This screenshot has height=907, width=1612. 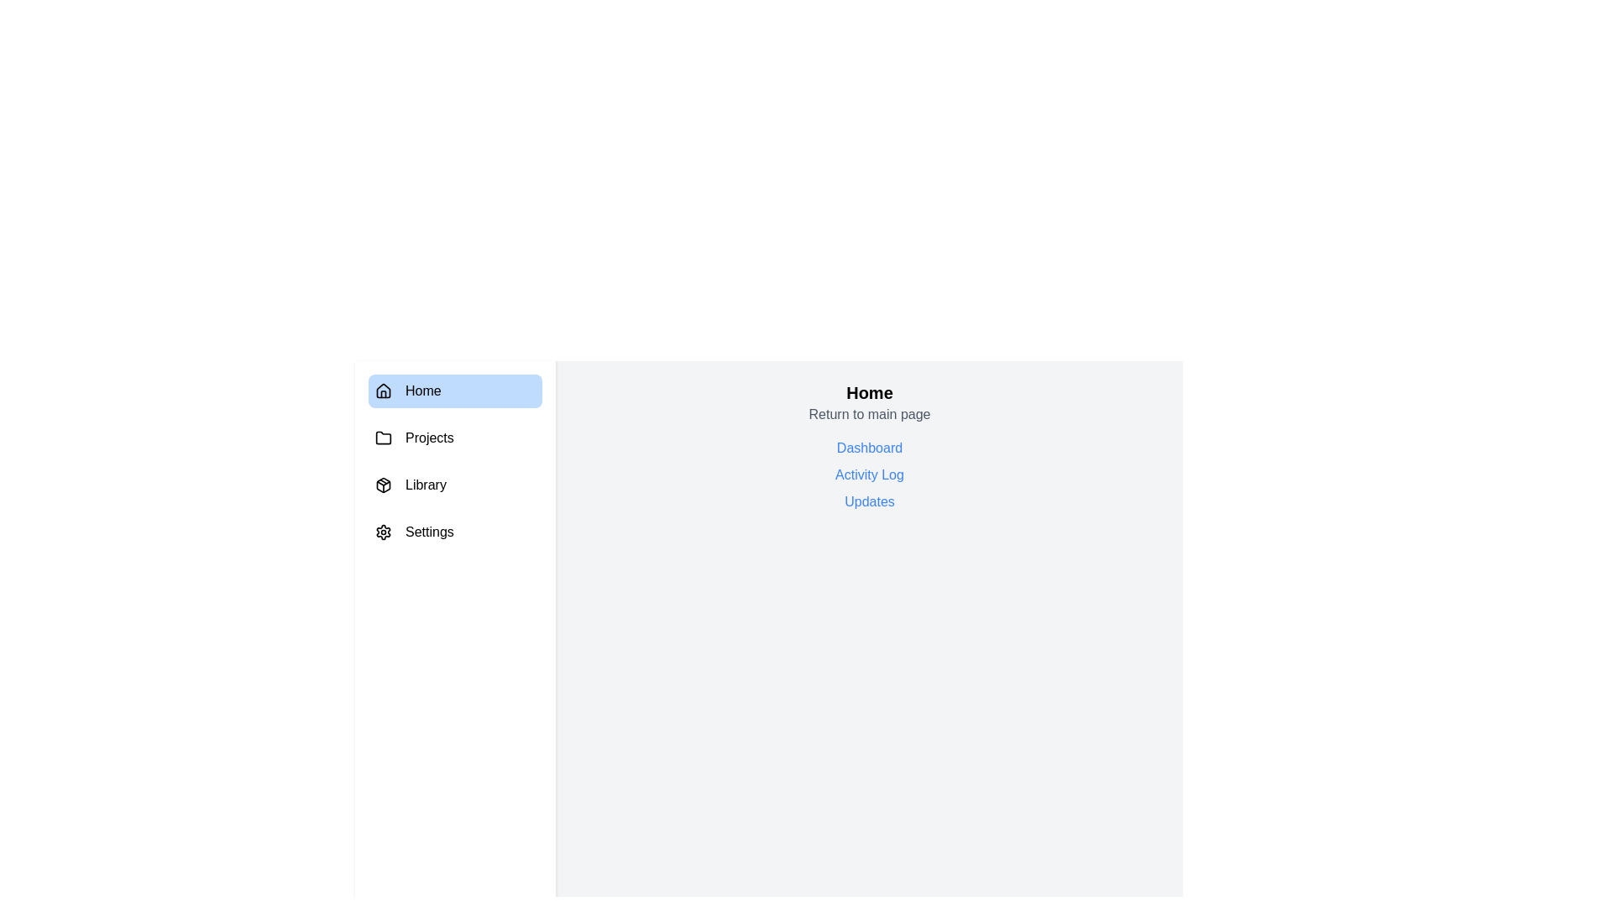 I want to click on the folder icon located in the second position of the navigation menu, beneath the 'Home' item and above the 'Library' entry in the sidebar, so click(x=382, y=436).